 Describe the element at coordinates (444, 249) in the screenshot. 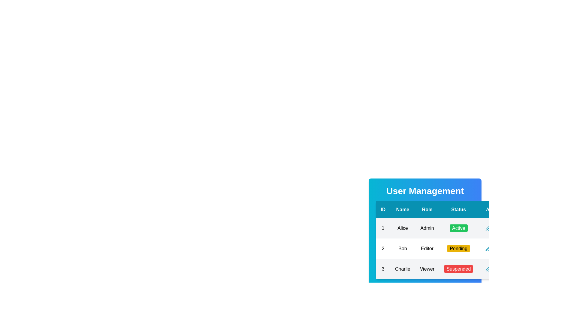

I see `the data row displaying user 'Bob' in the user management table` at that location.